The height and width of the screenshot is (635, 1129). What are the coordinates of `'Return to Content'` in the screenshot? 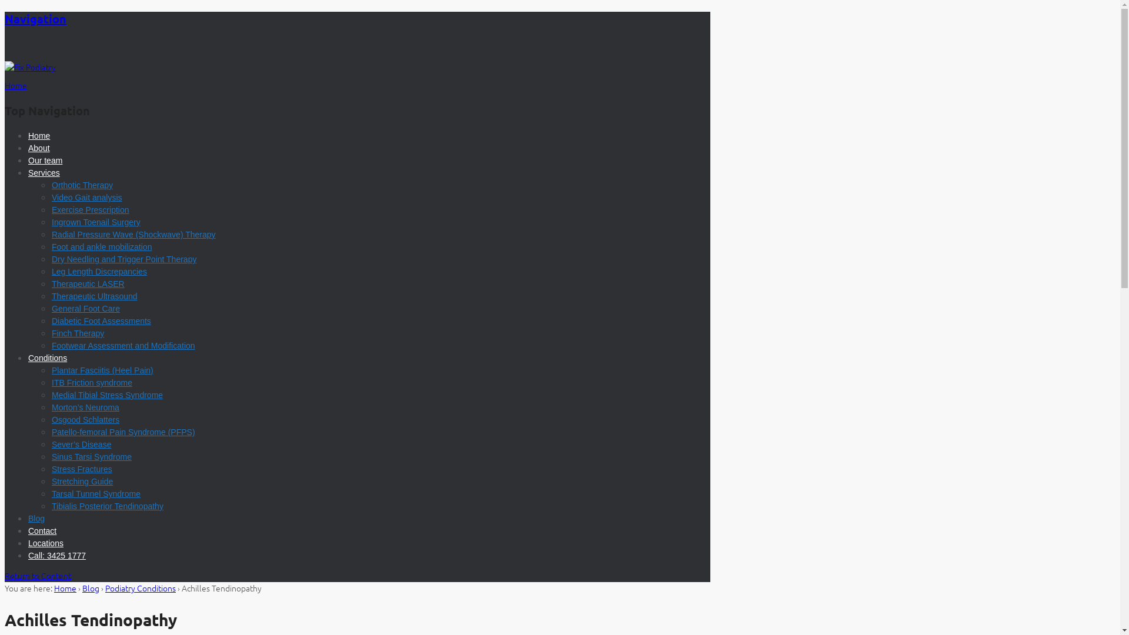 It's located at (38, 575).